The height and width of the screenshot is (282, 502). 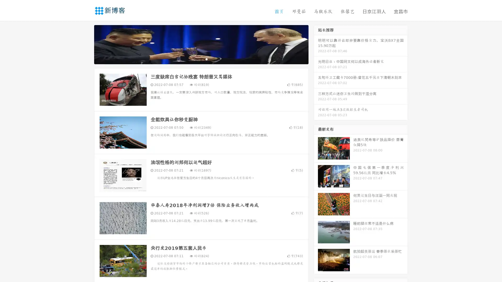 What do you see at coordinates (206, 59) in the screenshot?
I see `Go to slide 3` at bounding box center [206, 59].